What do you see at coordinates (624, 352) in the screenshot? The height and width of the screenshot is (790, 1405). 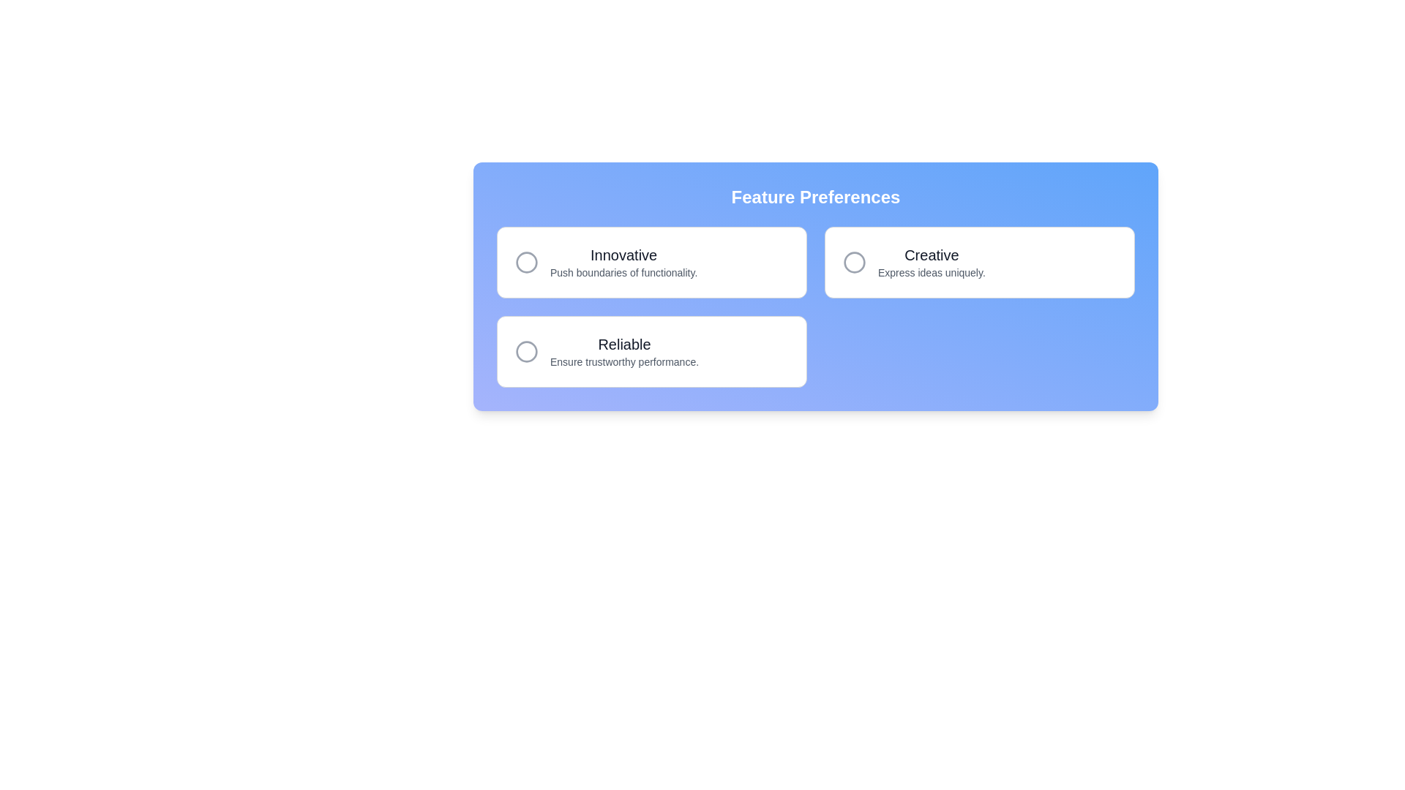 I see `descriptive text of the selectable option labeled 'Reliable' located in the lower left quadrant of the 'Feature Preferences' section, just below the 'Innovative' option` at bounding box center [624, 352].